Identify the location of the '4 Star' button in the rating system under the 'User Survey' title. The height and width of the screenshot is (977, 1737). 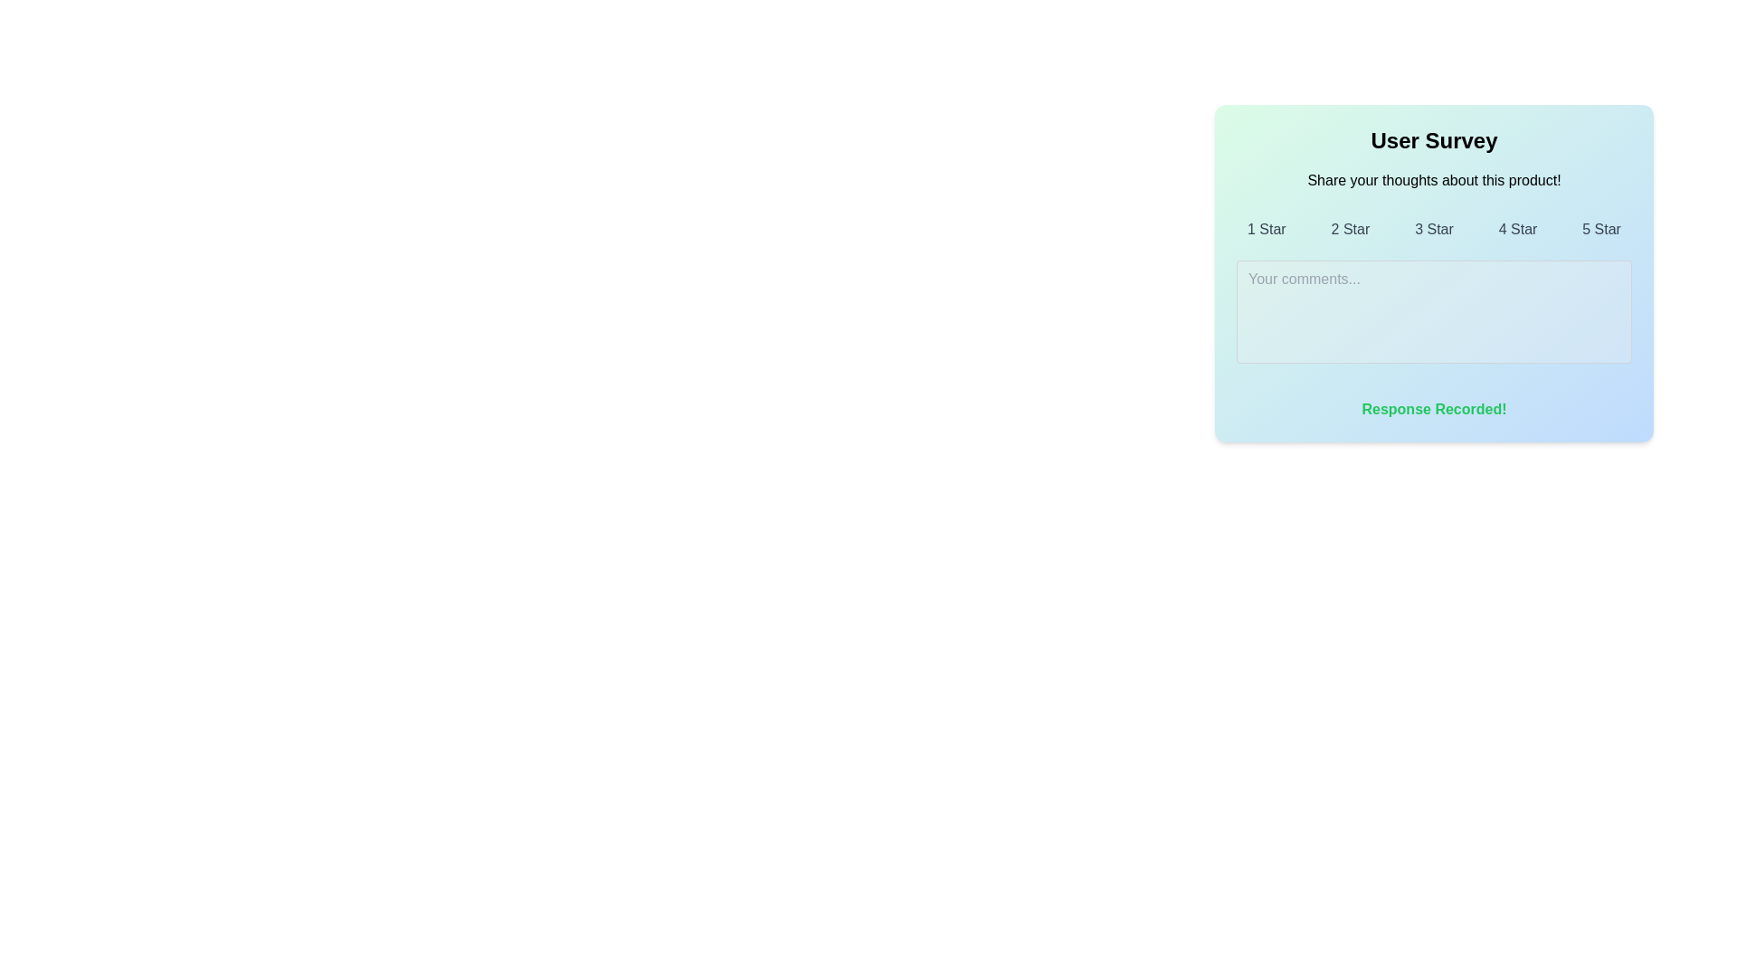
(1518, 229).